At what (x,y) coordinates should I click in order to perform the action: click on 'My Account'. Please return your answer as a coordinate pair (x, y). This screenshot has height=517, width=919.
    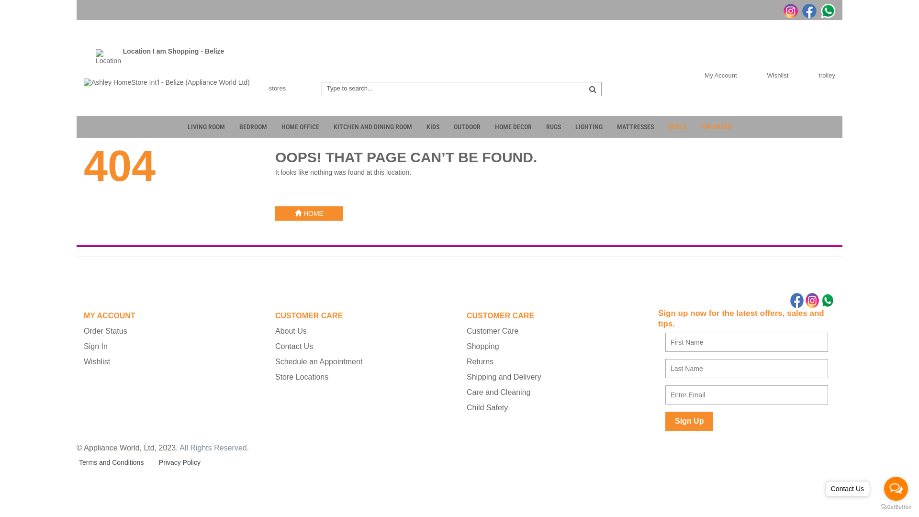
    Looking at the image, I should click on (691, 75).